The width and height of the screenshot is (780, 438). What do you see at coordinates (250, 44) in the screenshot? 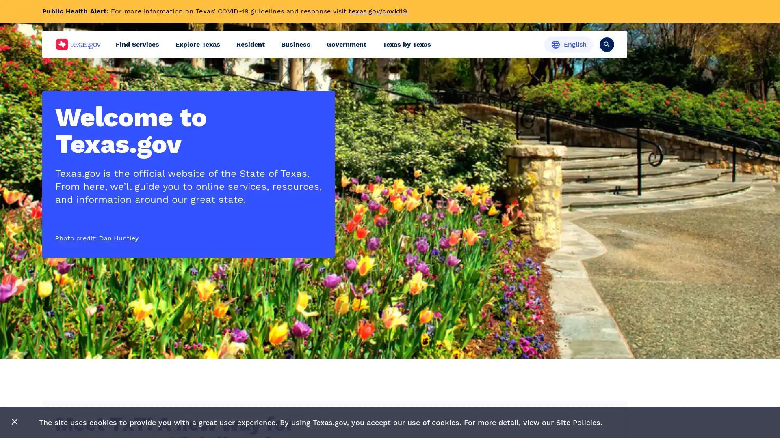
I see `Resident` at bounding box center [250, 44].